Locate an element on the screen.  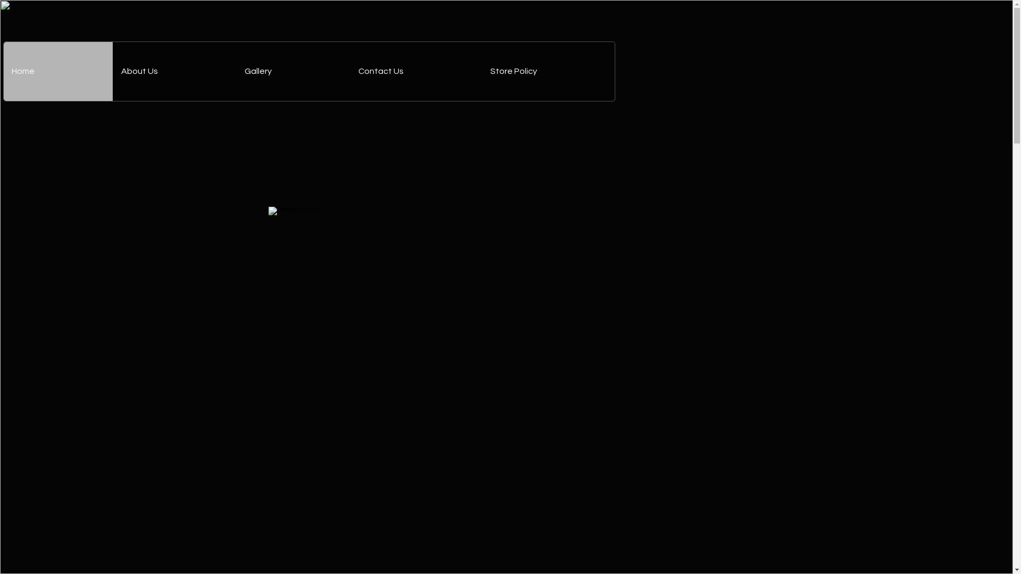
'Store Policy' is located at coordinates (548, 71).